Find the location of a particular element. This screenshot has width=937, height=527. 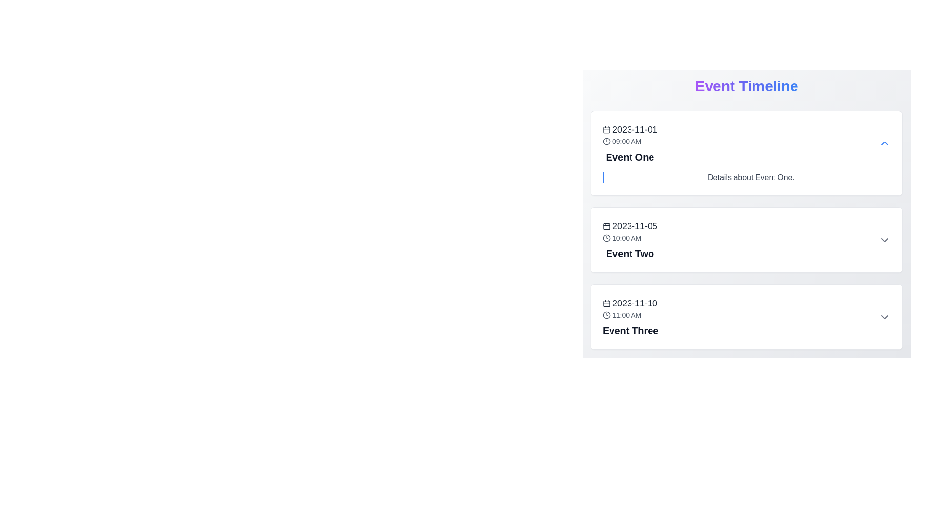

the chevron icon in the upper-right corner of the 'Event One' card is located at coordinates (885, 143).